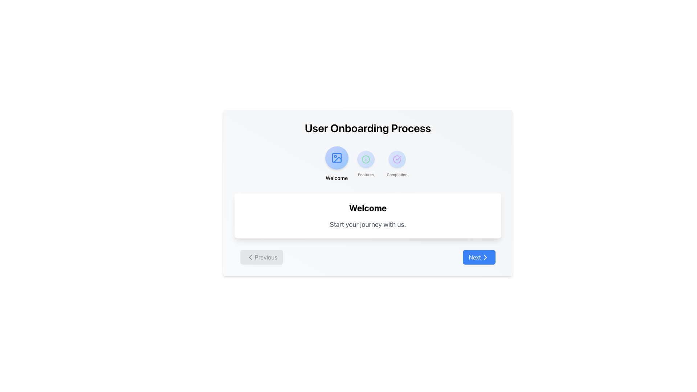  What do you see at coordinates (485, 257) in the screenshot?
I see `the right-pointing arrow icon within the 'Next' button` at bounding box center [485, 257].